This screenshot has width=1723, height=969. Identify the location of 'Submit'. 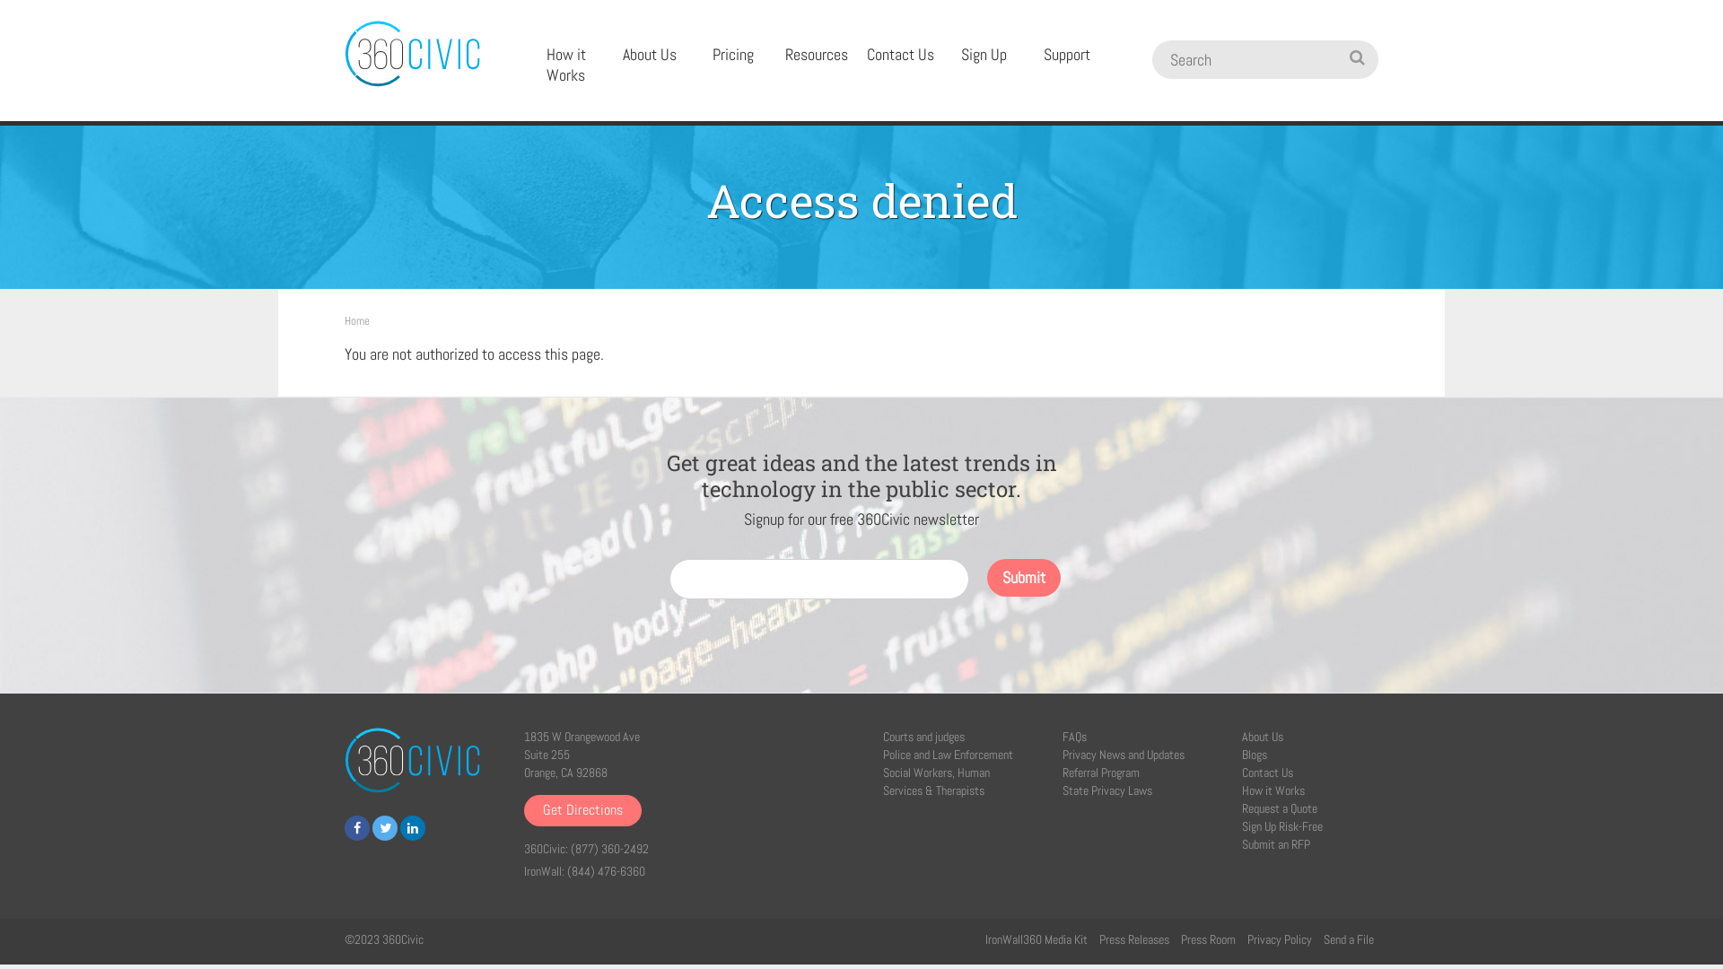
(1024, 578).